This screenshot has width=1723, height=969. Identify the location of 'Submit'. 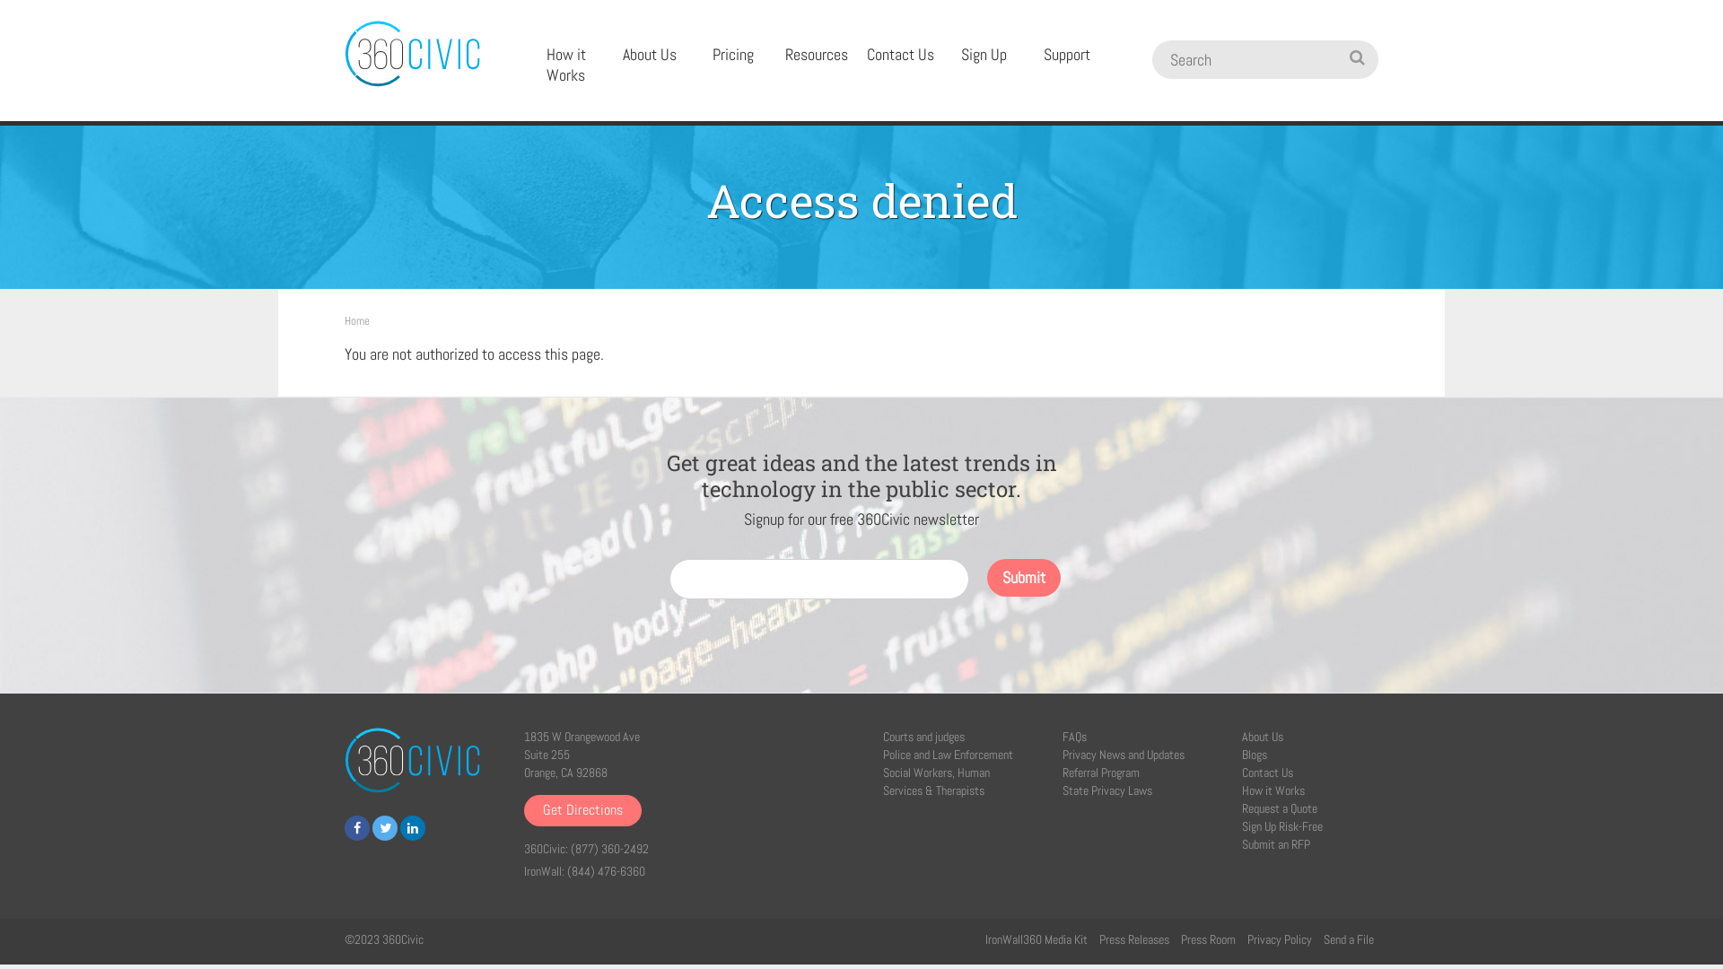
(1024, 578).